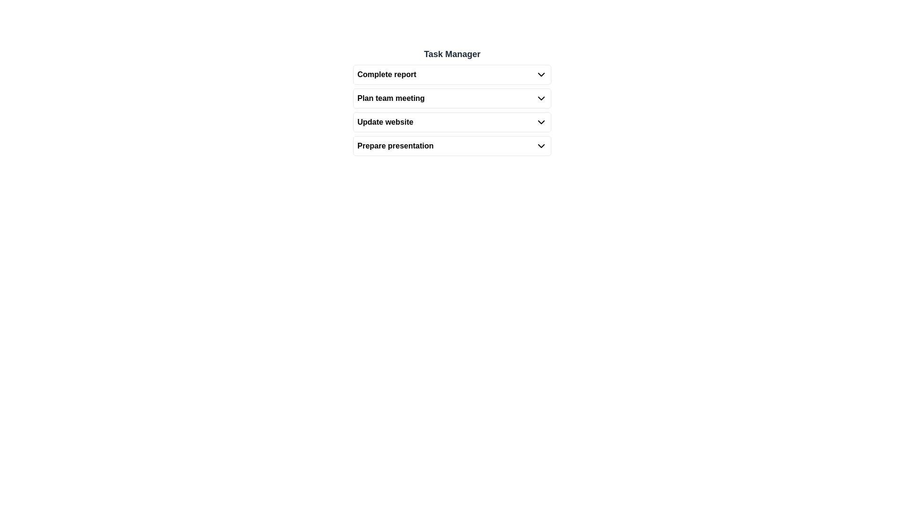  Describe the element at coordinates (452, 122) in the screenshot. I see `the third task entry in the task manager interface, which is the 'Update website' task` at that location.